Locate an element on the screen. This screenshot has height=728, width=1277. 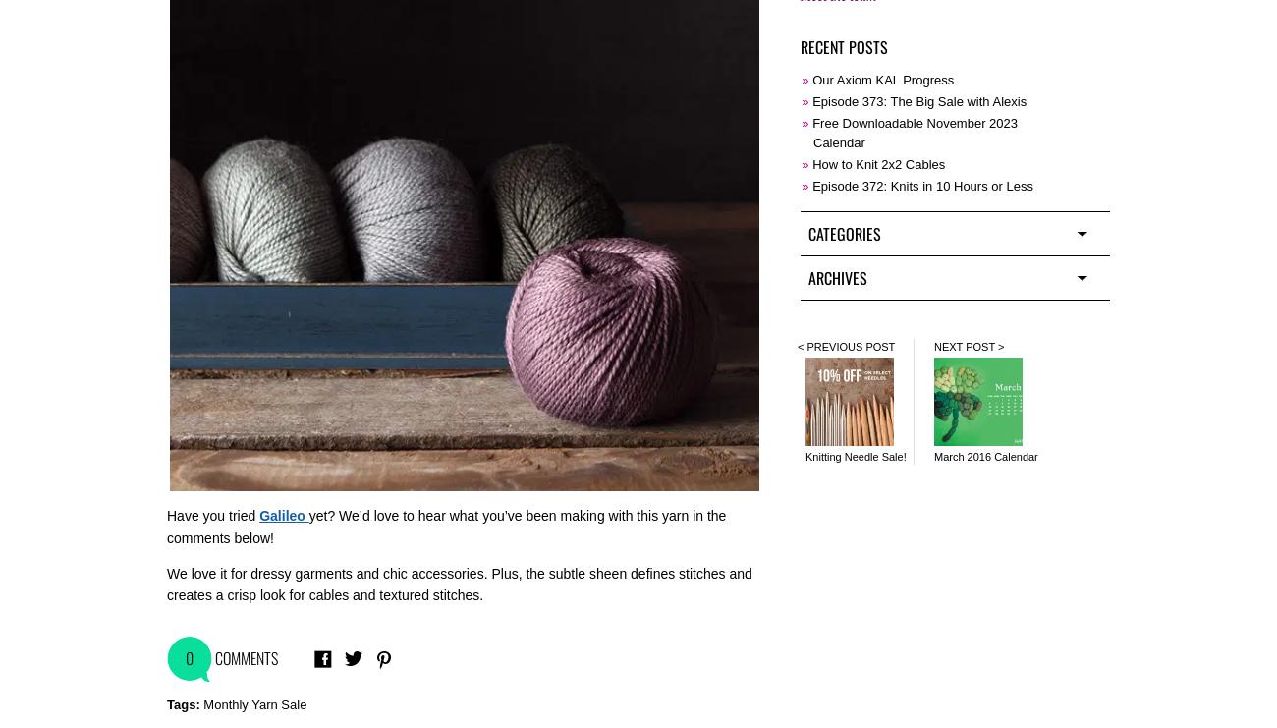
'yet? We’d love to hear what you’ve been making with this yarn in the comments below!' is located at coordinates (445, 525).